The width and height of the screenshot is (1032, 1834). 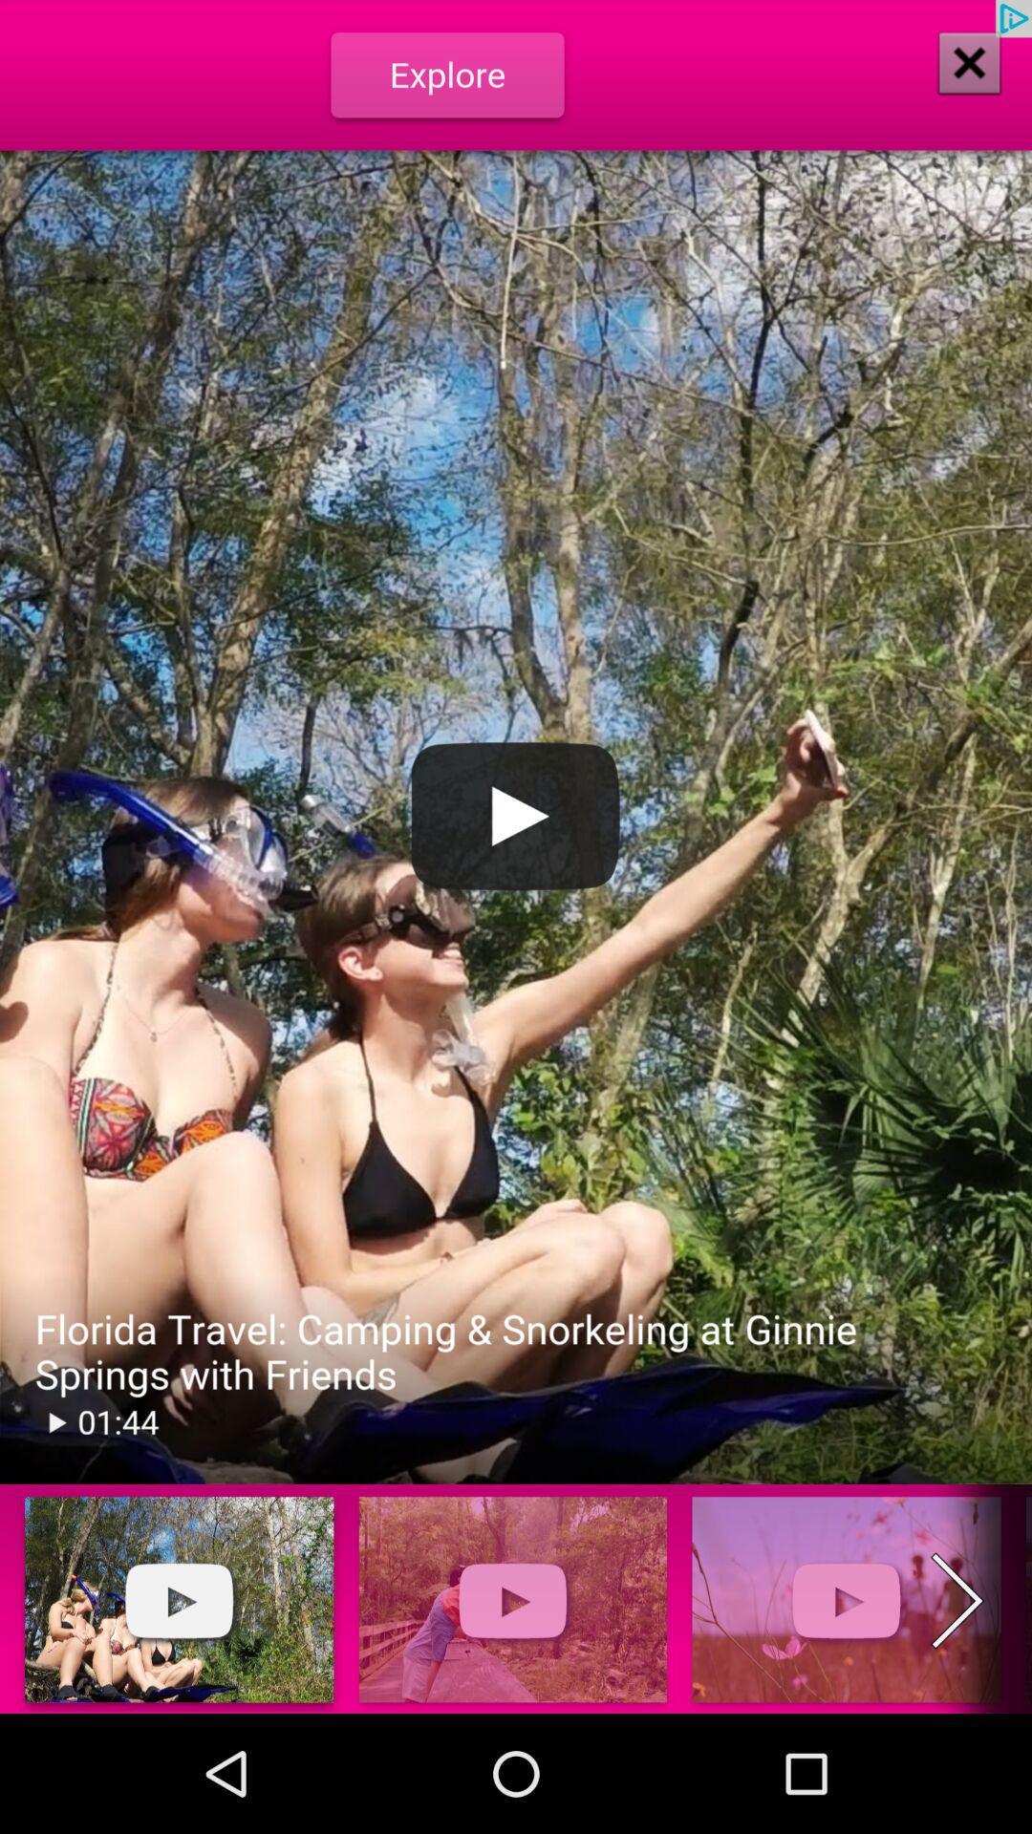 What do you see at coordinates (969, 67) in the screenshot?
I see `the close icon` at bounding box center [969, 67].